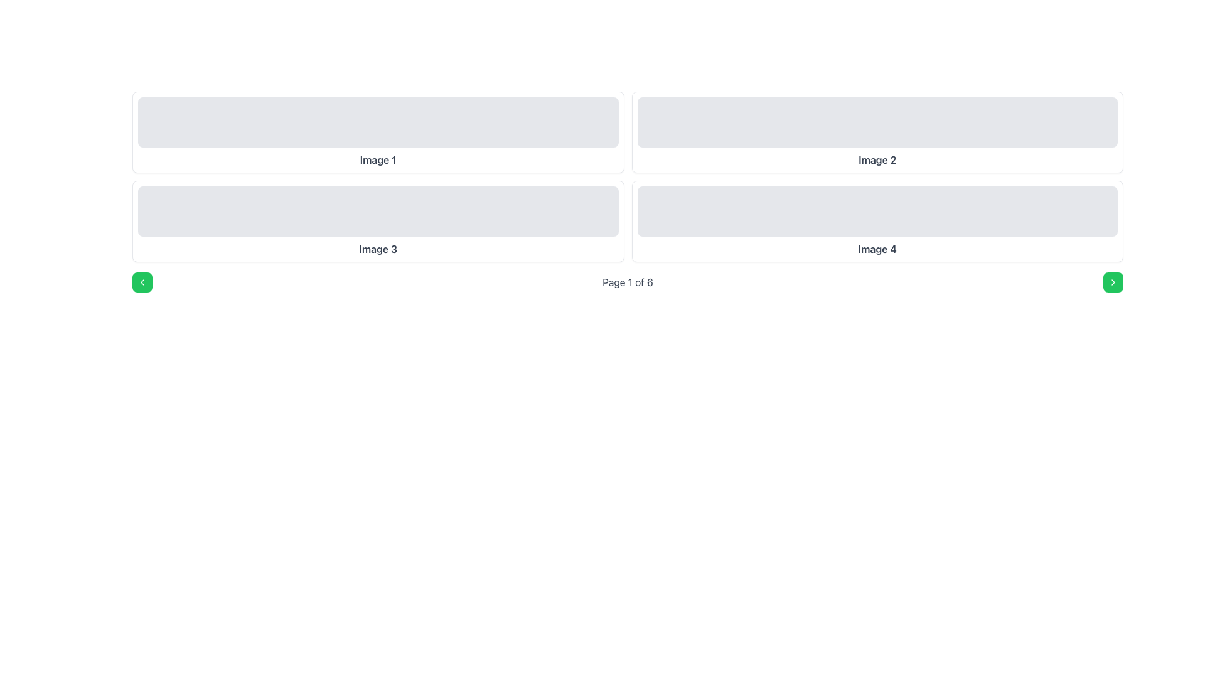  Describe the element at coordinates (1113, 282) in the screenshot. I see `the right-pointing chevron icon located in the bottom-right corner of the green button` at that location.